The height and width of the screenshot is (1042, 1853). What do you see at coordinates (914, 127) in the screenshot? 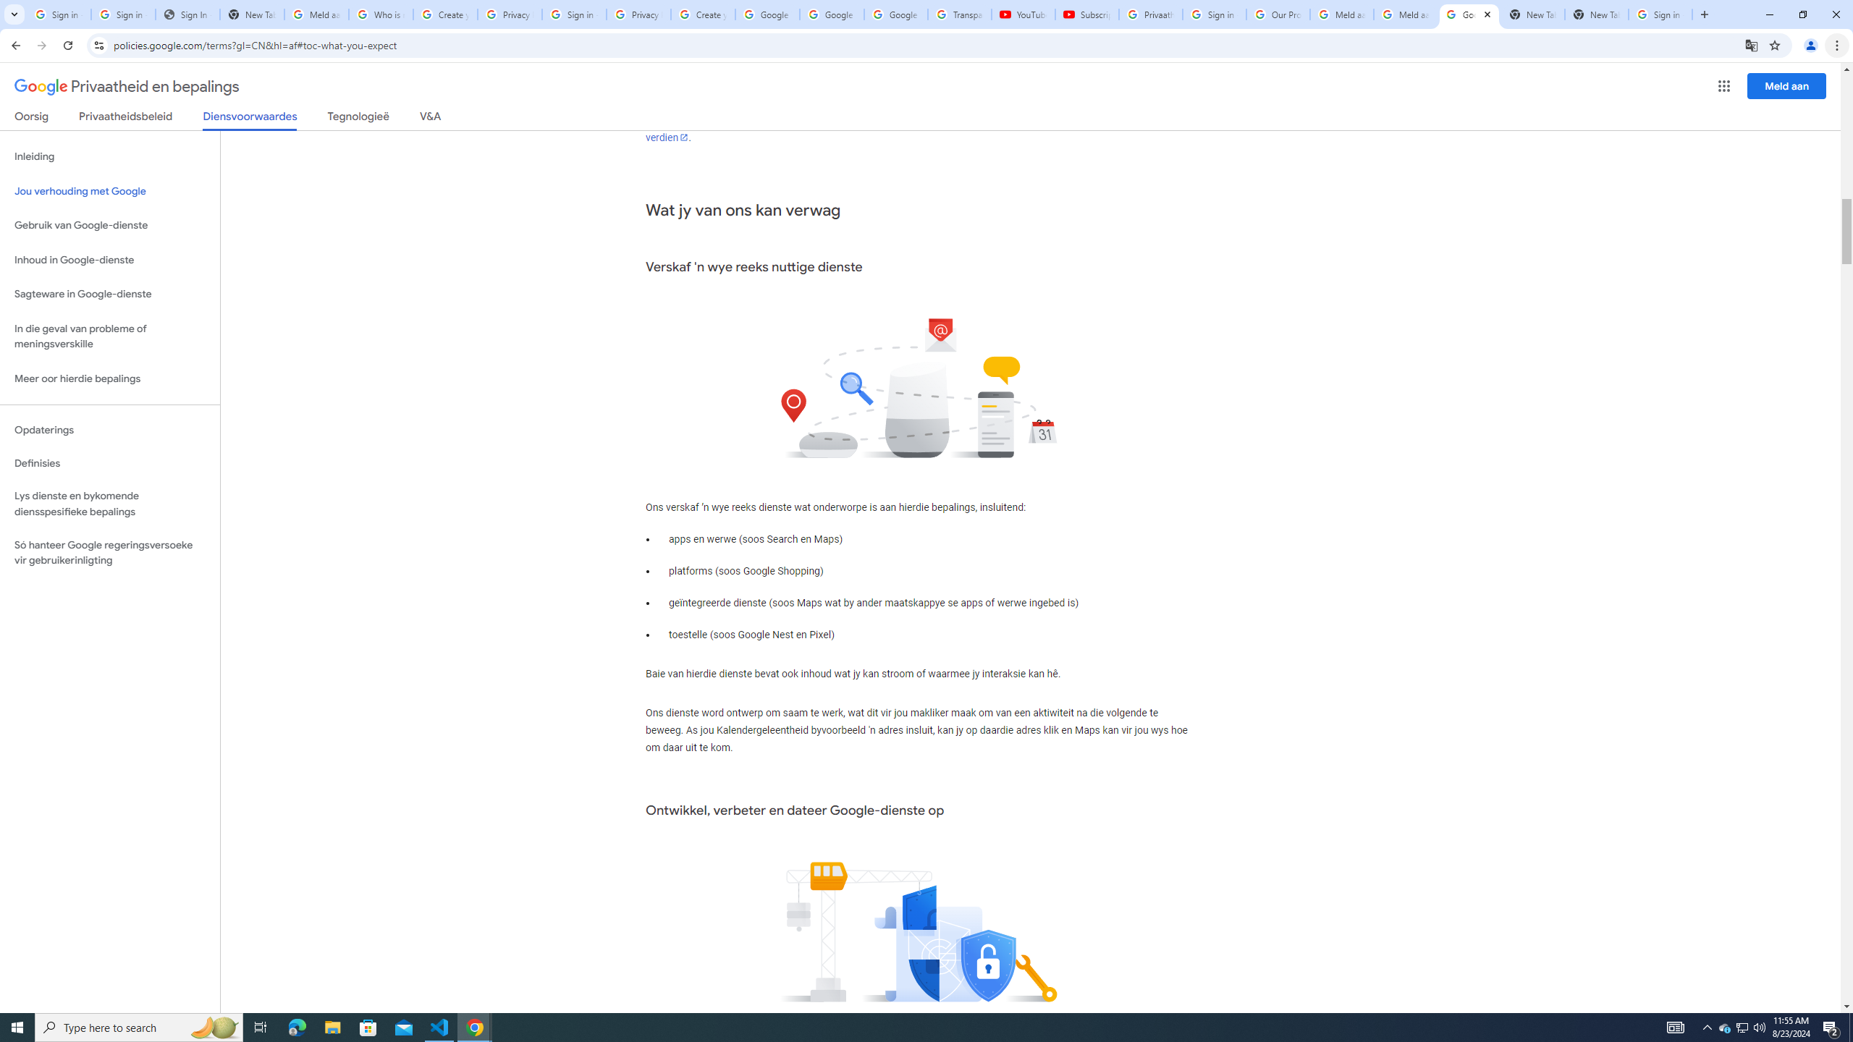
I see `'hoe Google se besigheid werk en hoe ons geld verdien'` at bounding box center [914, 127].